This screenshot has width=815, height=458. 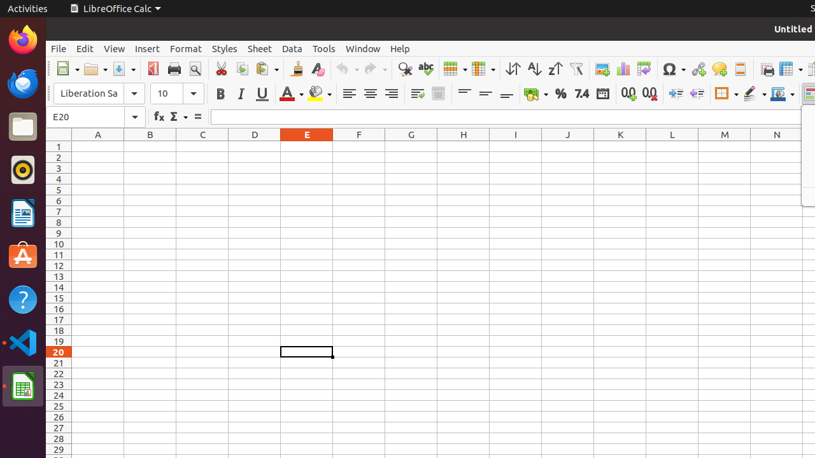 I want to click on 'Firefox Web Browser', so click(x=22, y=39).